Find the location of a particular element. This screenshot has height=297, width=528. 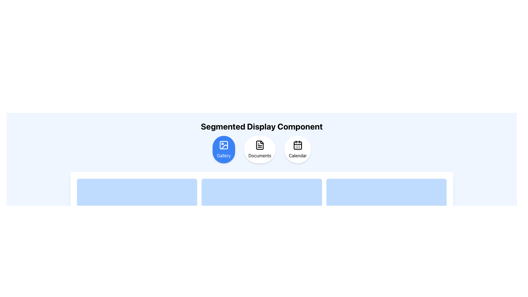

the circular interactive button labeled 'Documents' is located at coordinates (259, 149).